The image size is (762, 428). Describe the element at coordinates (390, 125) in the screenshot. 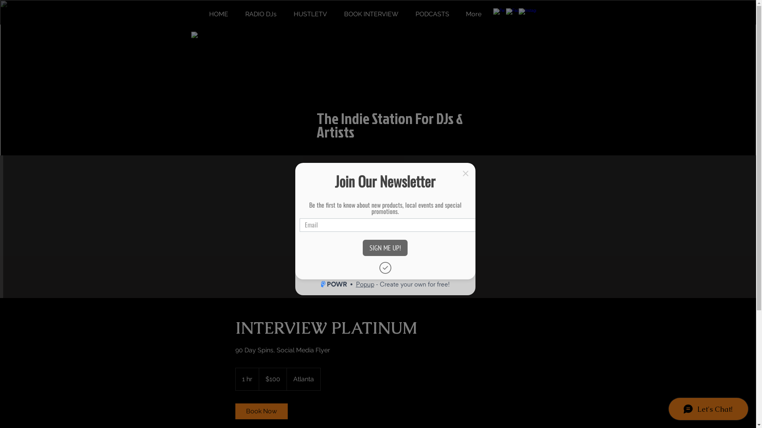

I see `'The Indie Station For DJs & Artists'` at that location.